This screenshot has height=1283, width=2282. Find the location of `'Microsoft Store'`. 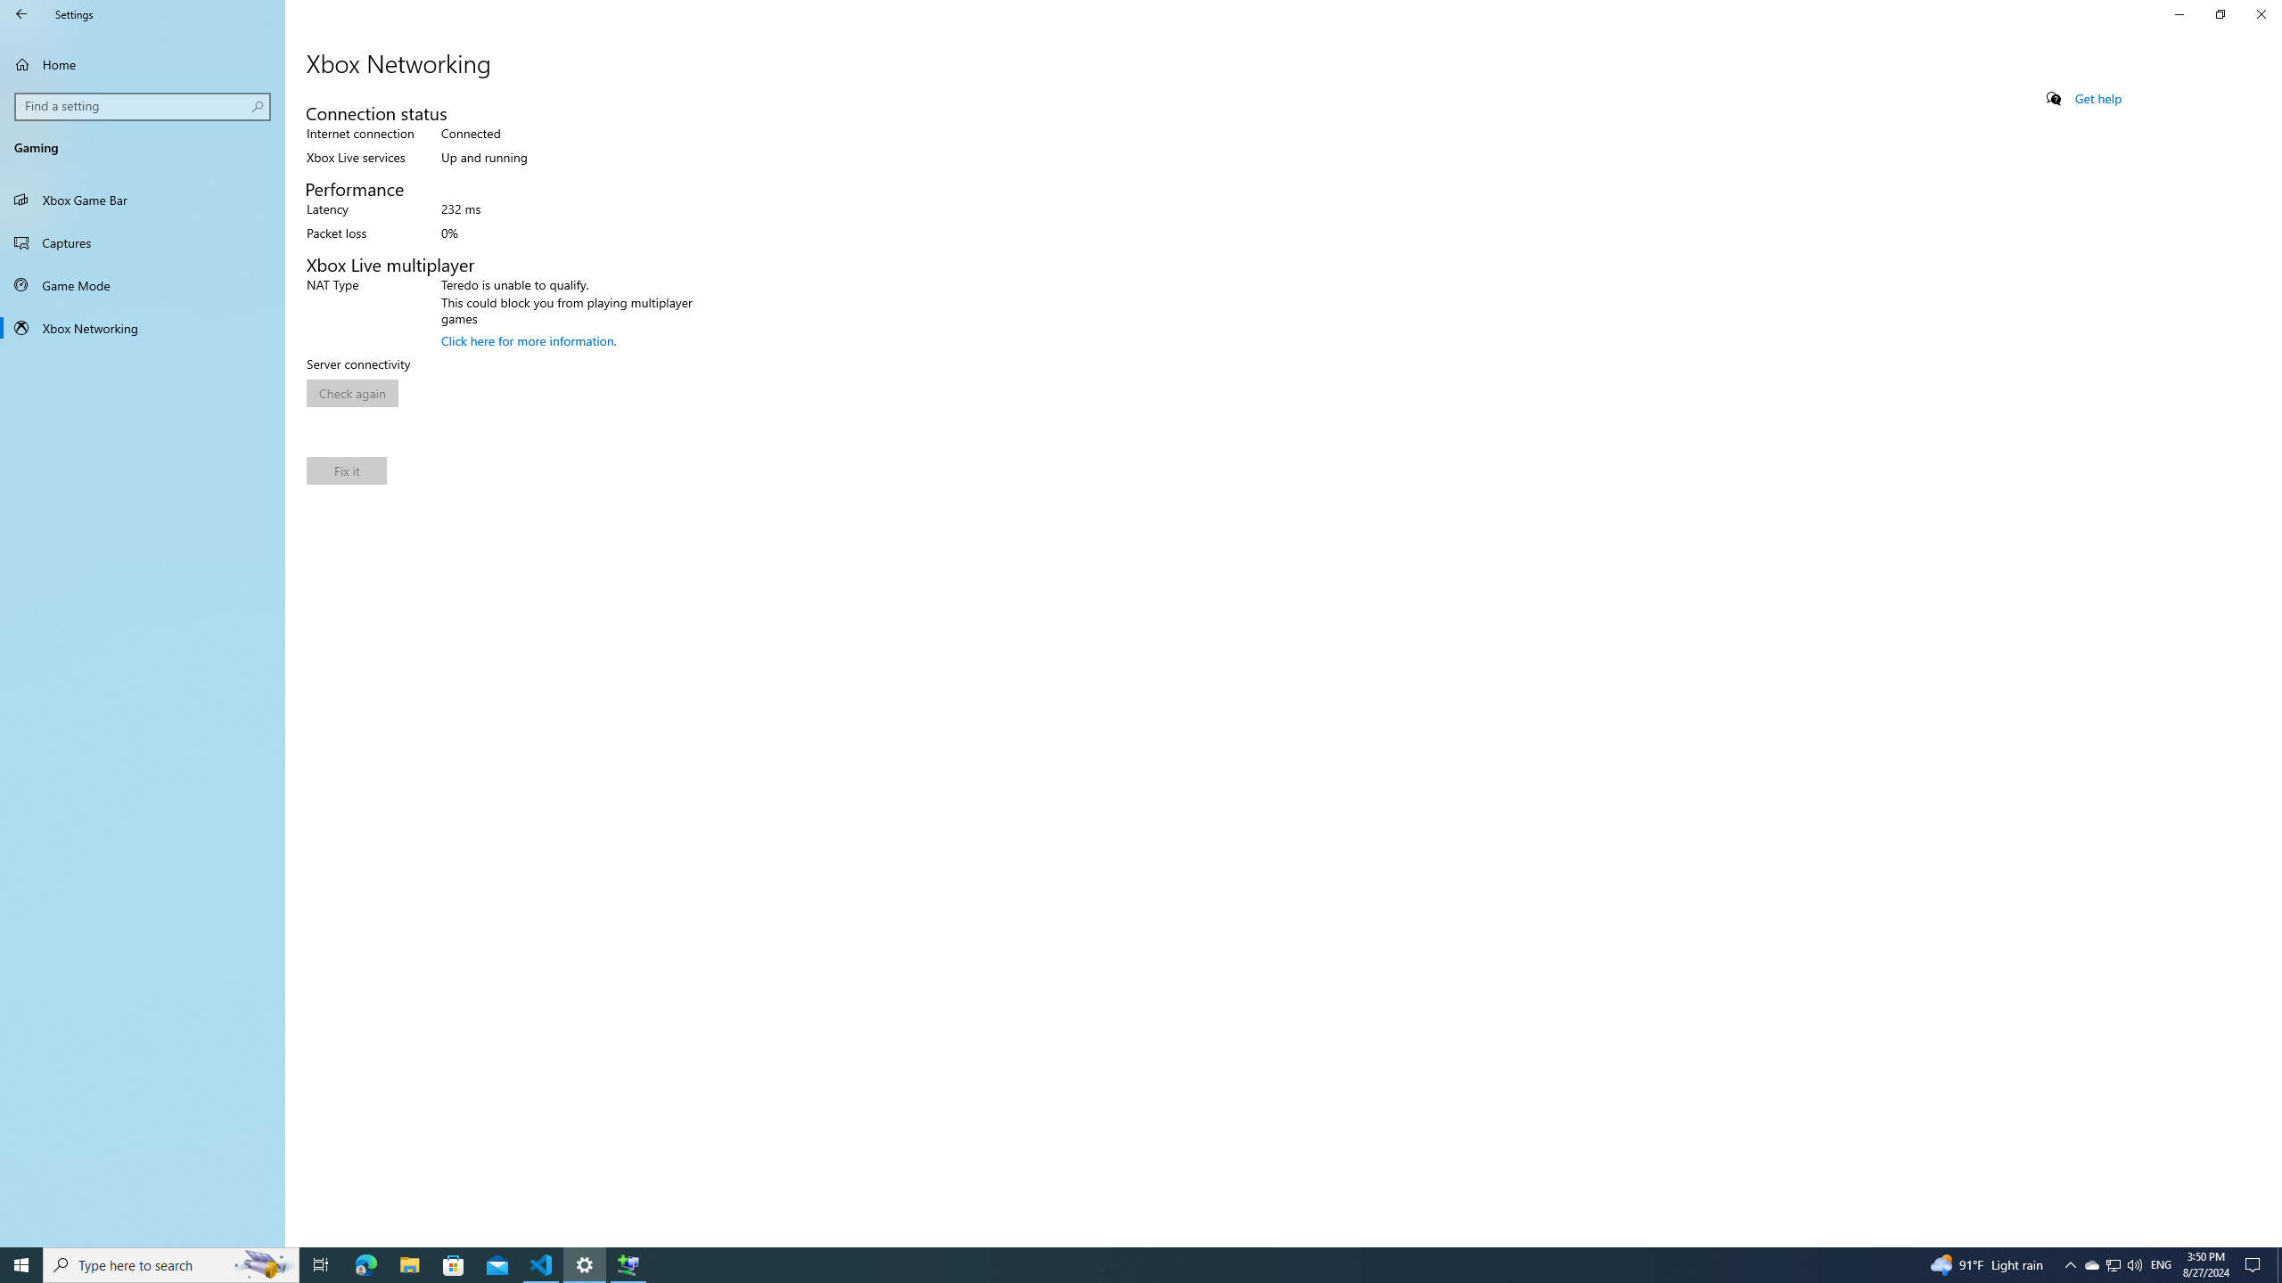

'Microsoft Store' is located at coordinates (454, 1263).